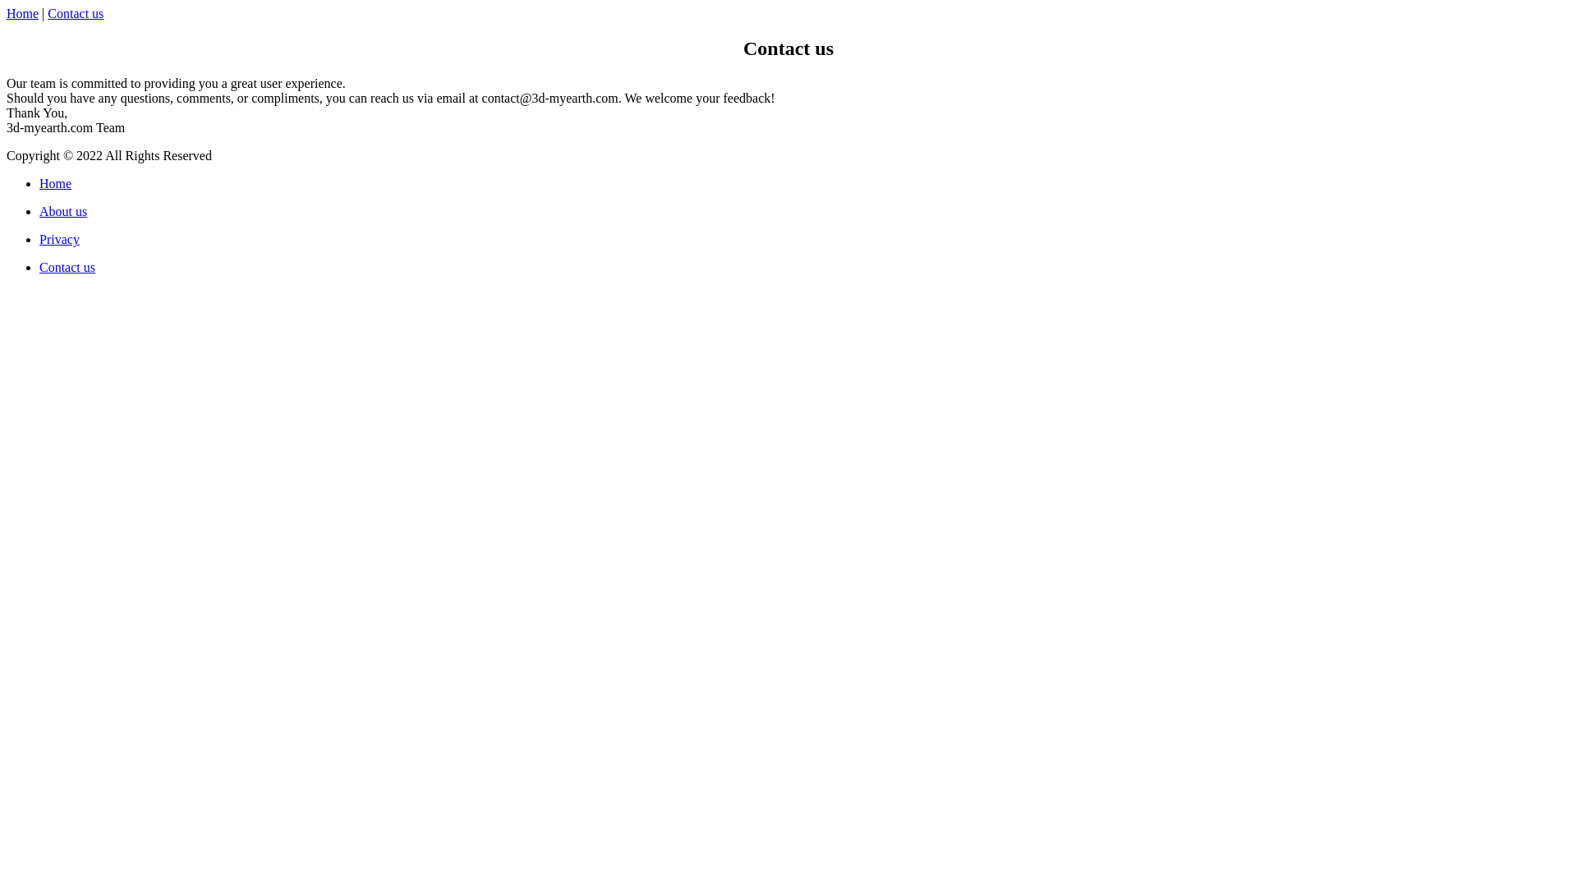 The height and width of the screenshot is (887, 1577). What do you see at coordinates (55, 183) in the screenshot?
I see `'Home'` at bounding box center [55, 183].